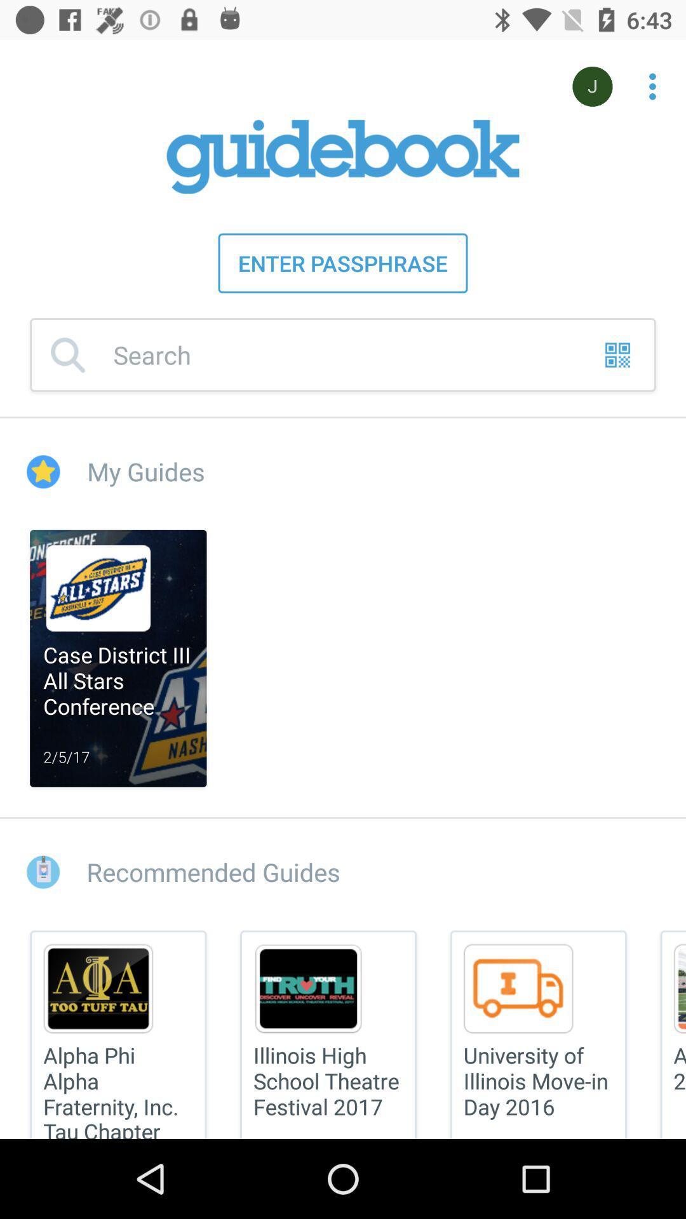 The height and width of the screenshot is (1219, 686). Describe the element at coordinates (652, 86) in the screenshot. I see `the more icon` at that location.